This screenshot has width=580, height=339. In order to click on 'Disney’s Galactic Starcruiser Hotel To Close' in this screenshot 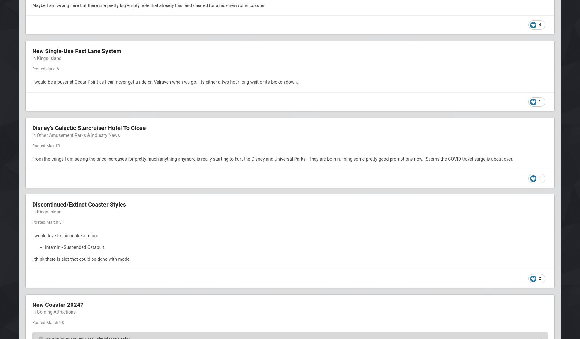, I will do `click(88, 127)`.